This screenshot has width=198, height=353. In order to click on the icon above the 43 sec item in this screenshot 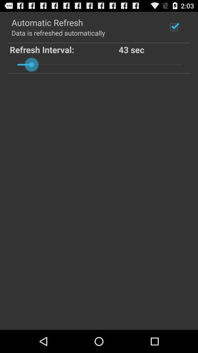, I will do `click(173, 27)`.